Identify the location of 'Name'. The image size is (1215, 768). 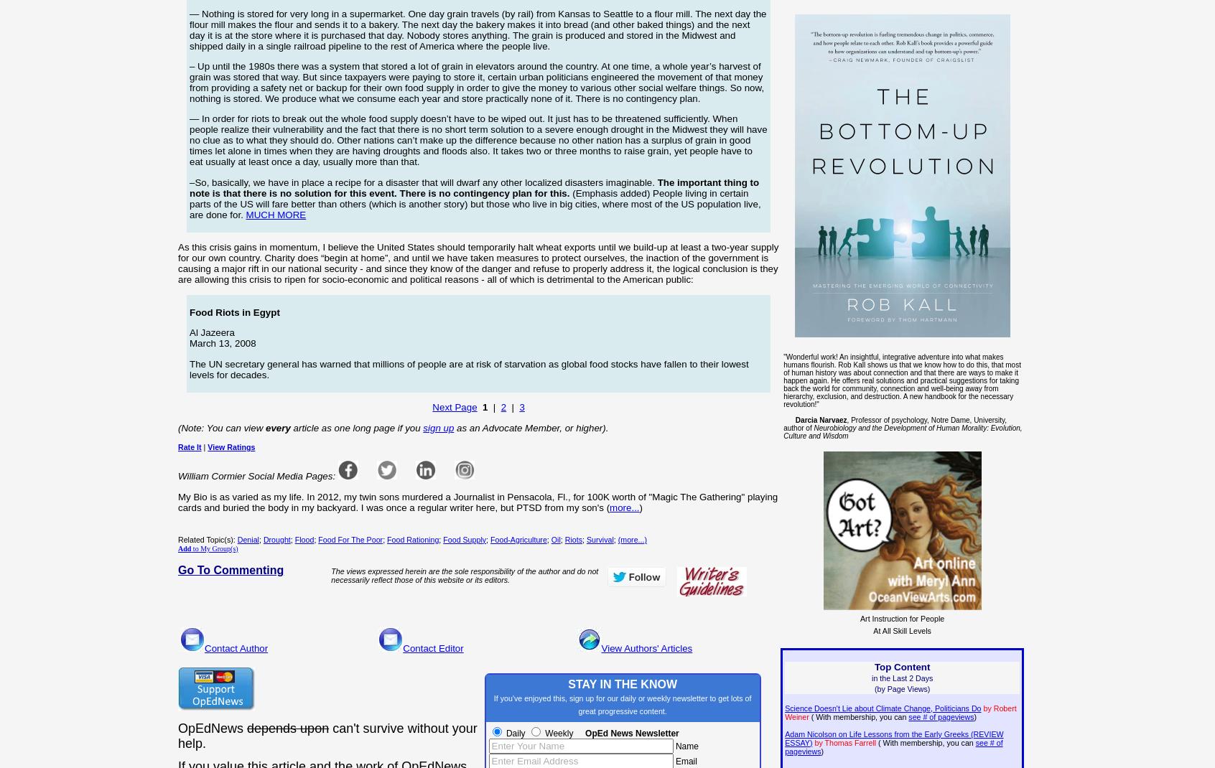
(685, 746).